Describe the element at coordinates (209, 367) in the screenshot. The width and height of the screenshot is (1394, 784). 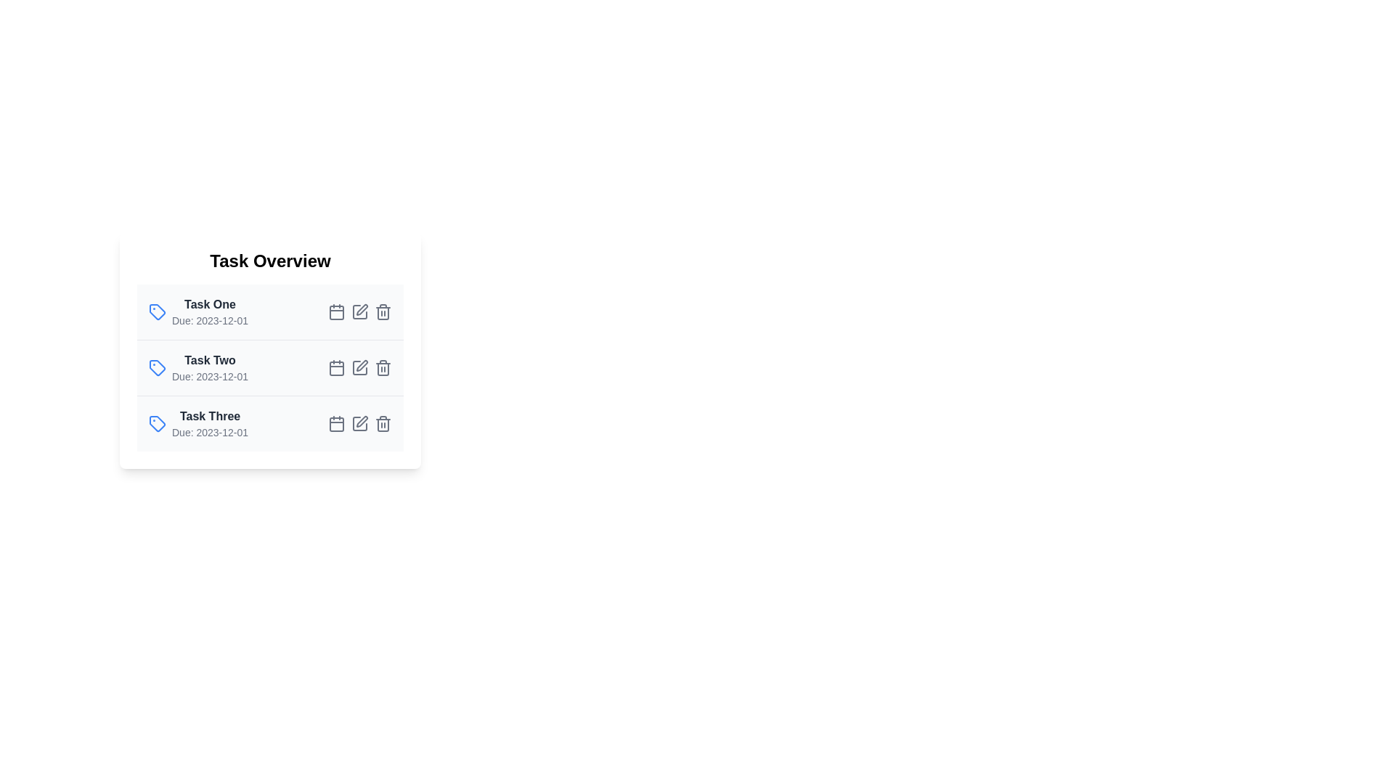
I see `text label that states 'Task Two' and 'Due: 2023-12-01', which is the second item under the 'Task Overview' heading` at that location.